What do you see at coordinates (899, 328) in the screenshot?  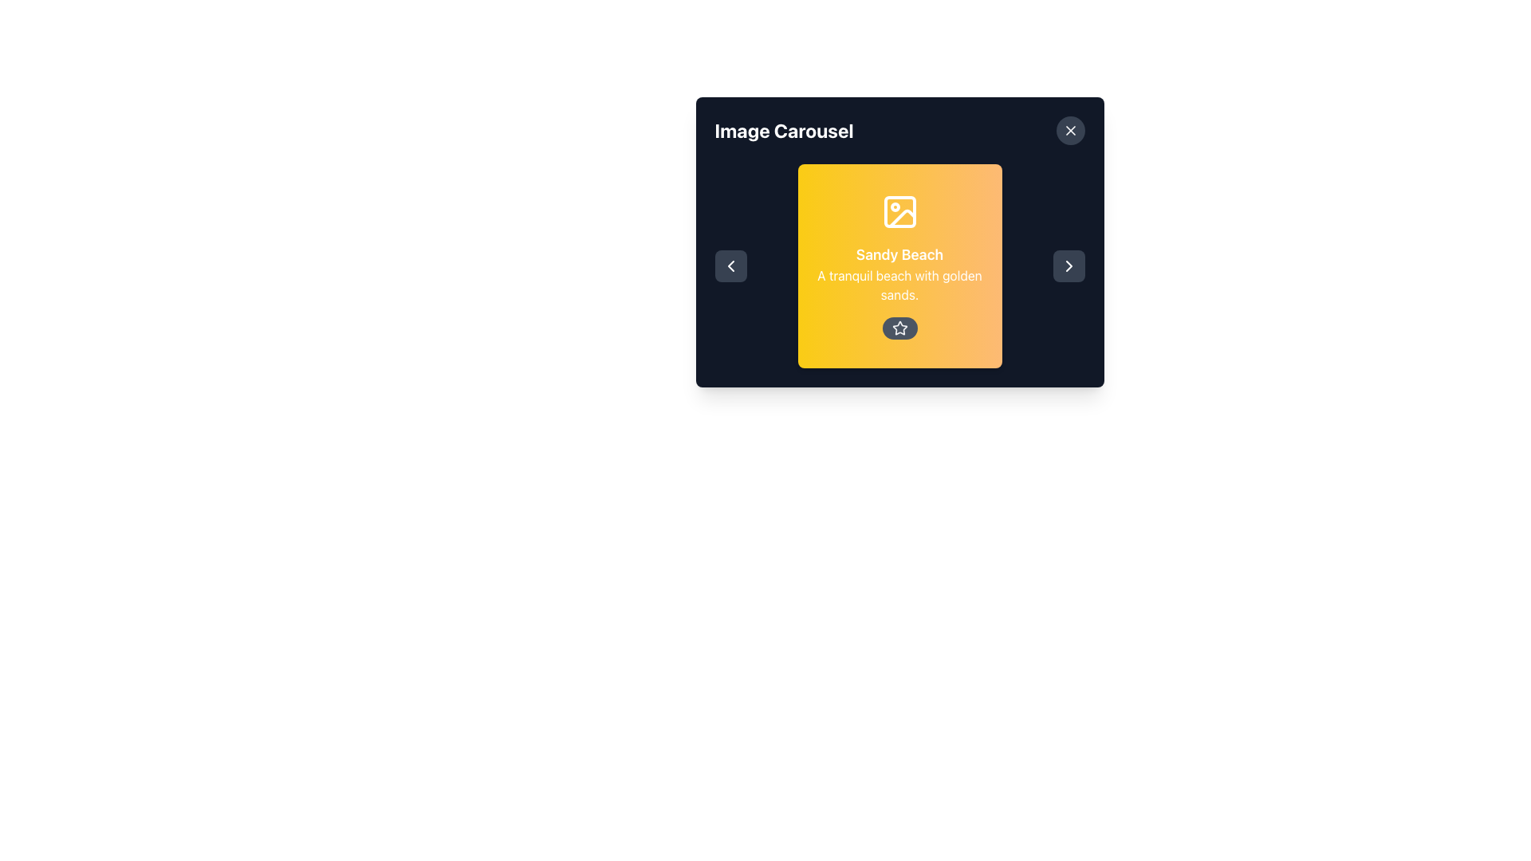 I see `the small, rounded gray button with a white star icon located at the bottom center of the 'Sandy Beach' information card` at bounding box center [899, 328].